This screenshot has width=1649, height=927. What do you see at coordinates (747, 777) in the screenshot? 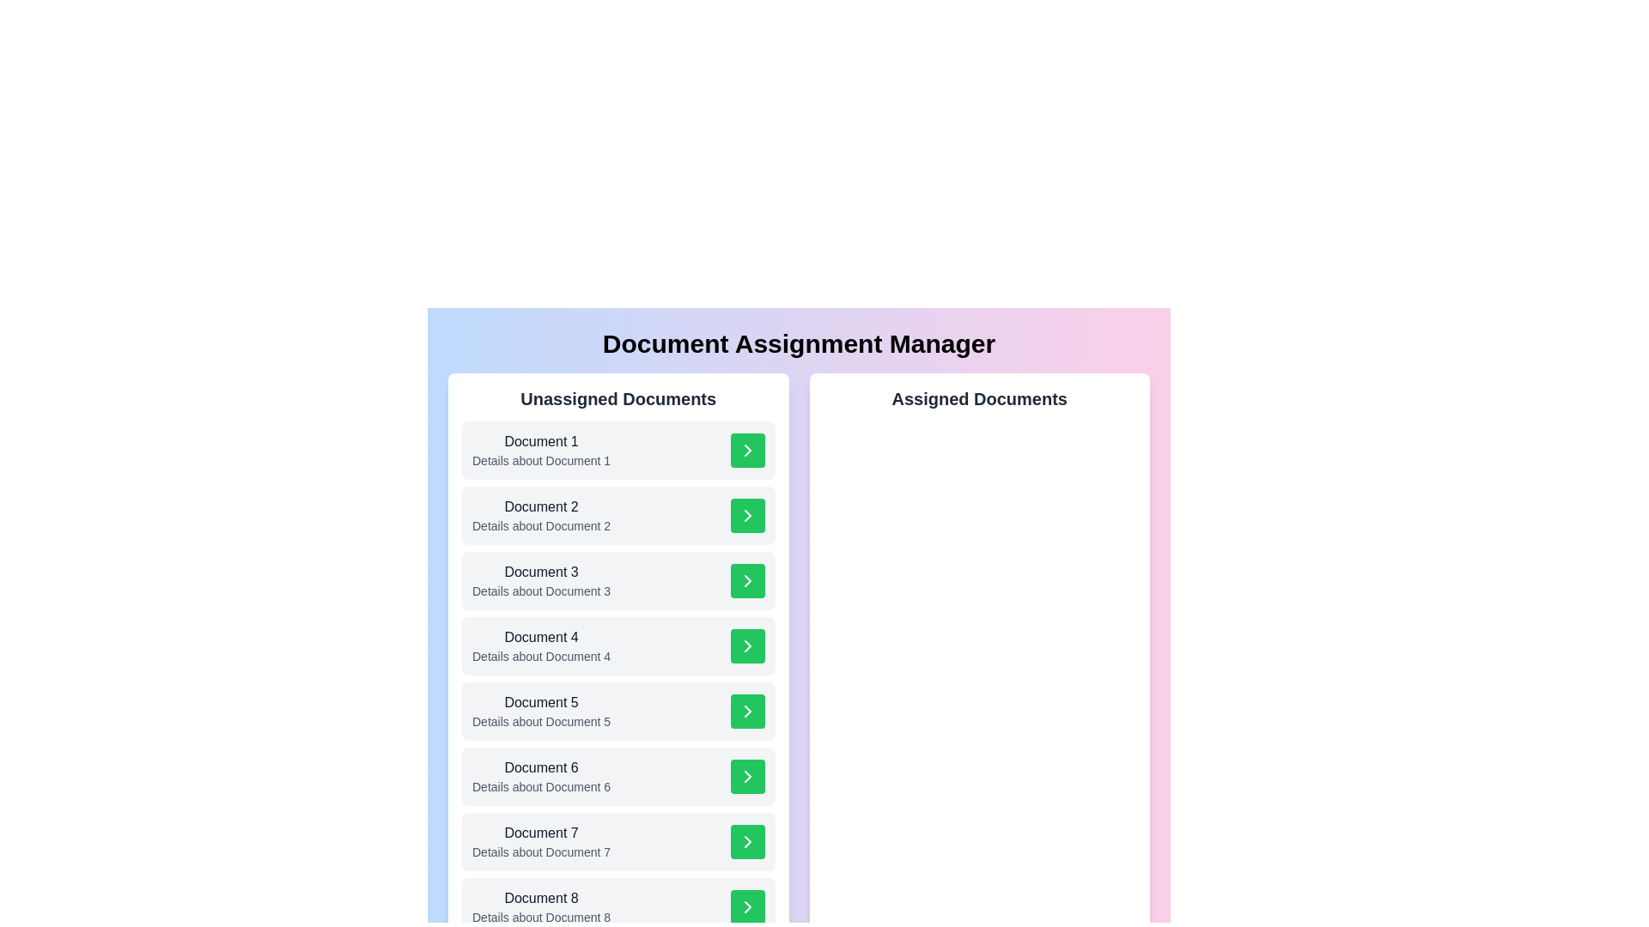
I see `the small square button with a green background and a white rightward-facing chevron icon, which is associated with 'Document 6'` at bounding box center [747, 777].